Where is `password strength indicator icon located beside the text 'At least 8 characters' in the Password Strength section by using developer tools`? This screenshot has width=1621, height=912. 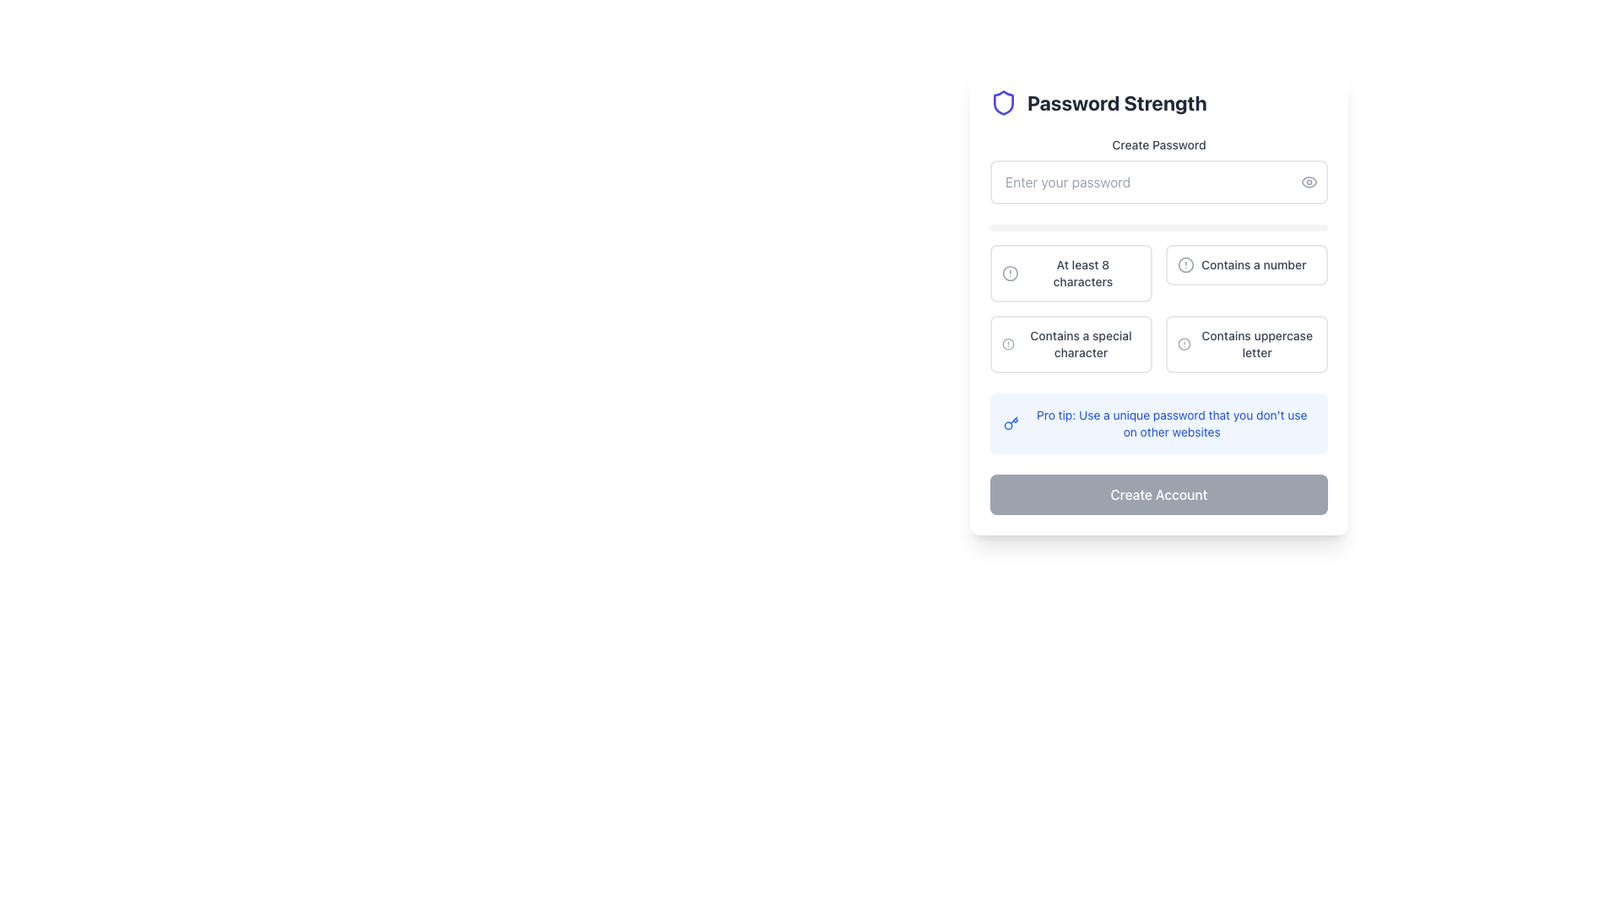
password strength indicator icon located beside the text 'At least 8 characters' in the Password Strength section by using developer tools is located at coordinates (1010, 273).